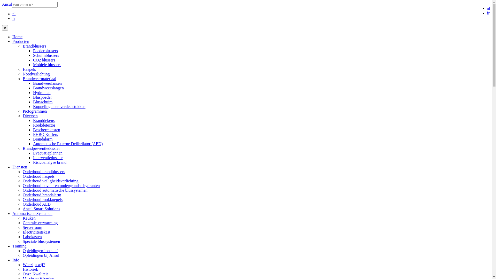 This screenshot has height=279, width=496. What do you see at coordinates (29, 69) in the screenshot?
I see `'Haspels'` at bounding box center [29, 69].